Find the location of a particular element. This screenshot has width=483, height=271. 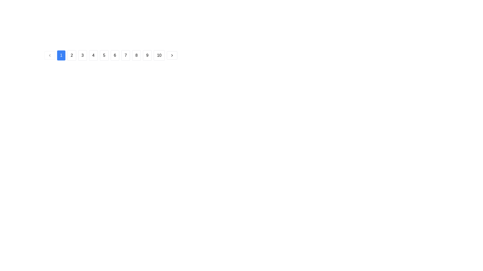

the pagination button displaying the number '2' is located at coordinates (71, 55).